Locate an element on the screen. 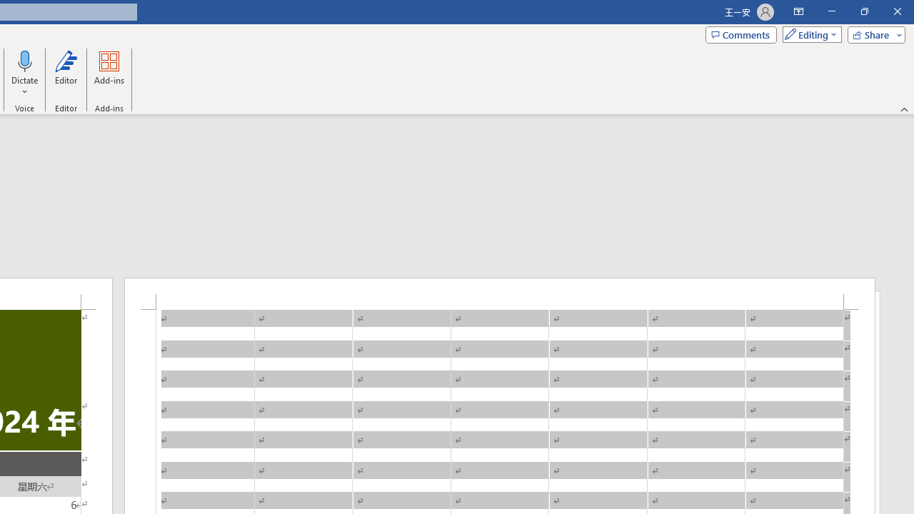  'Dictate' is located at coordinates (25, 60).